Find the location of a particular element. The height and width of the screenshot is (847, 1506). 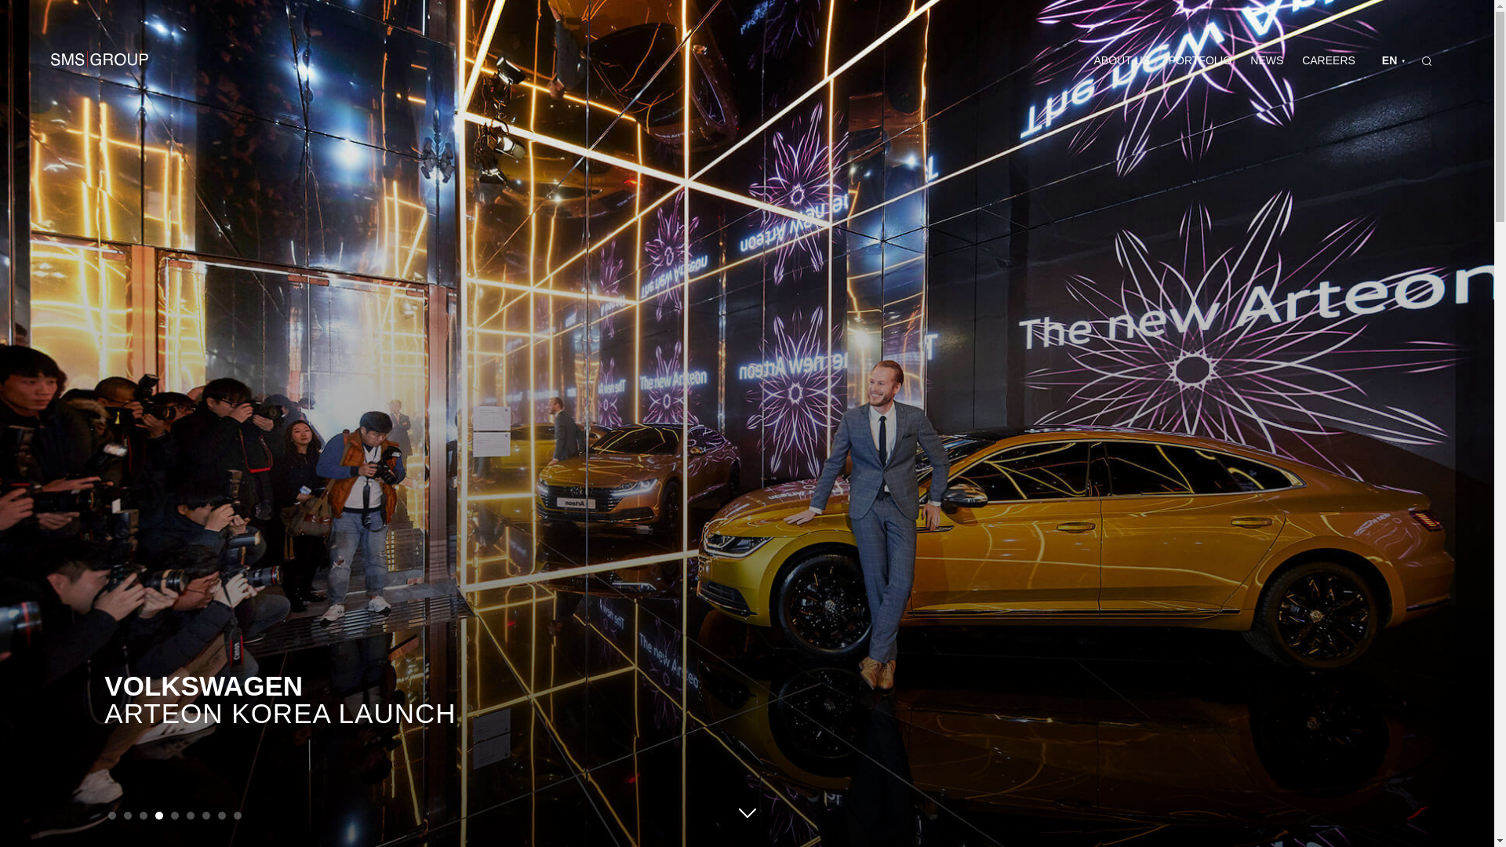

'ABOUT US' is located at coordinates (1121, 60).